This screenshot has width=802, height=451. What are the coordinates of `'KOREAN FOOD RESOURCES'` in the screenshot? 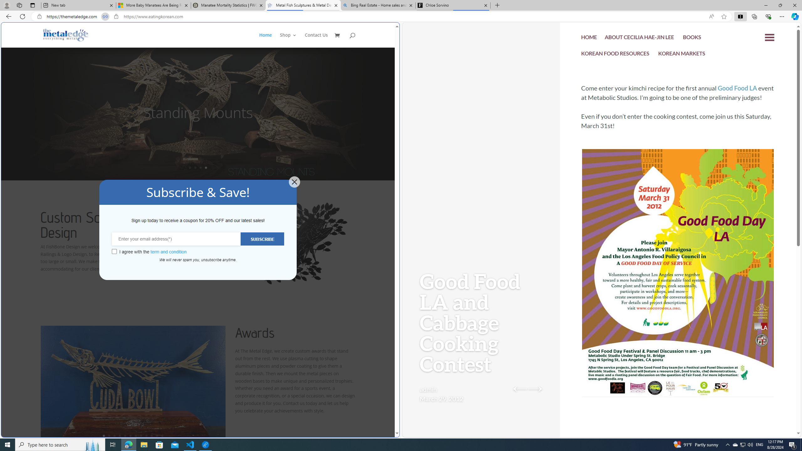 It's located at (615, 54).